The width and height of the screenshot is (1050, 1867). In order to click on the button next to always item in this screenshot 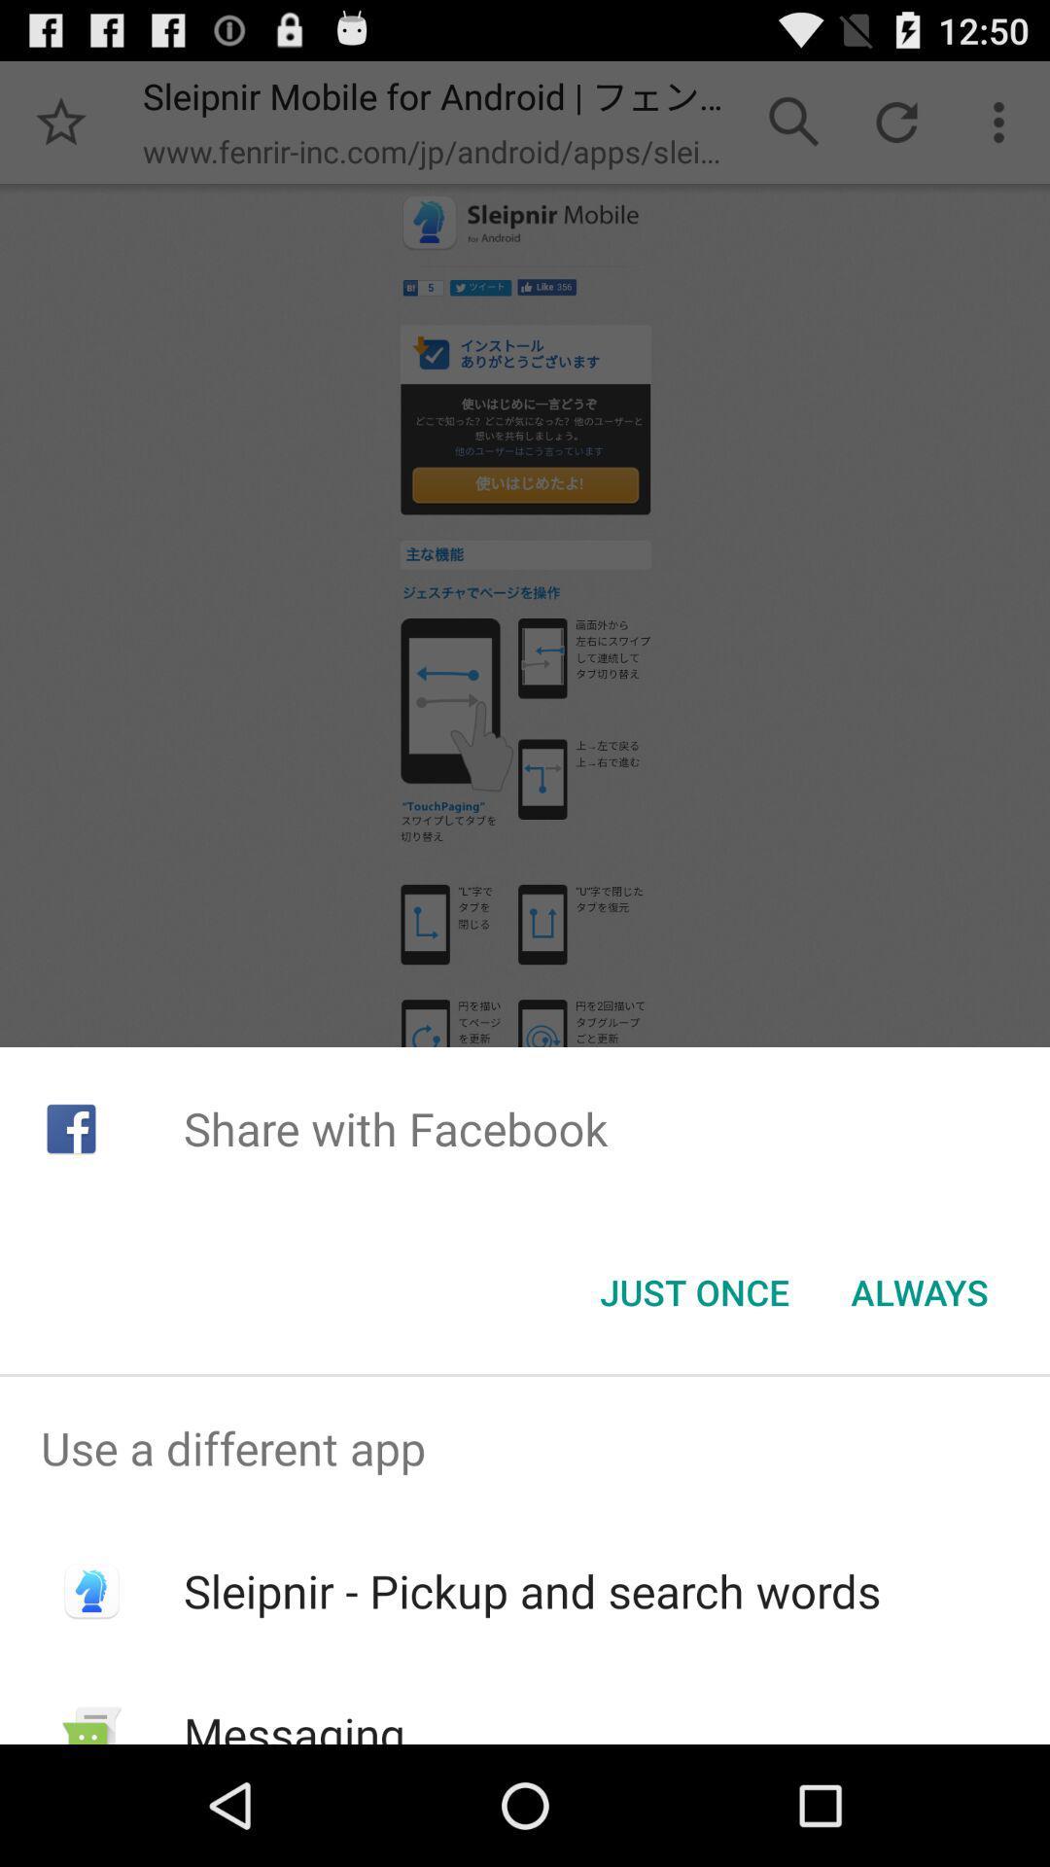, I will do `click(693, 1292)`.